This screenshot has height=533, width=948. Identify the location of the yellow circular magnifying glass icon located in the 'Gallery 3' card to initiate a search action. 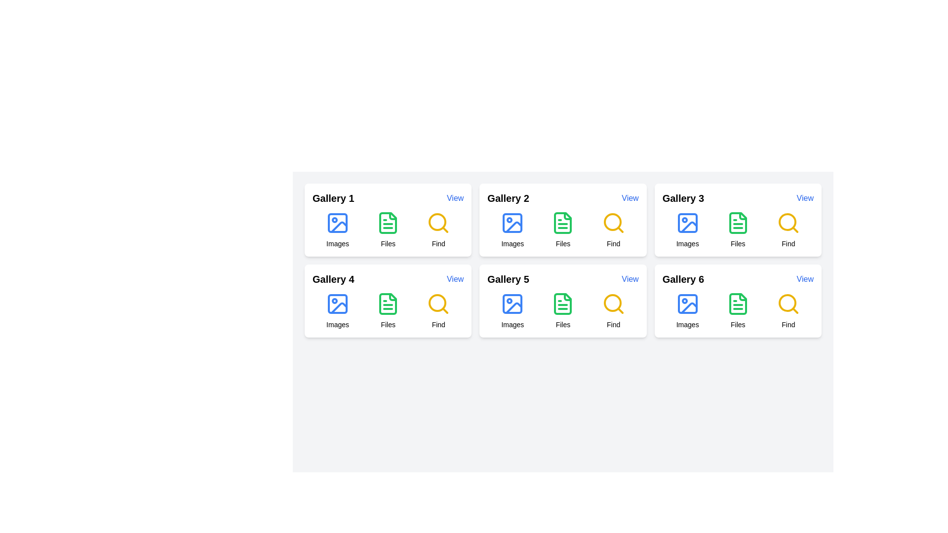
(788, 223).